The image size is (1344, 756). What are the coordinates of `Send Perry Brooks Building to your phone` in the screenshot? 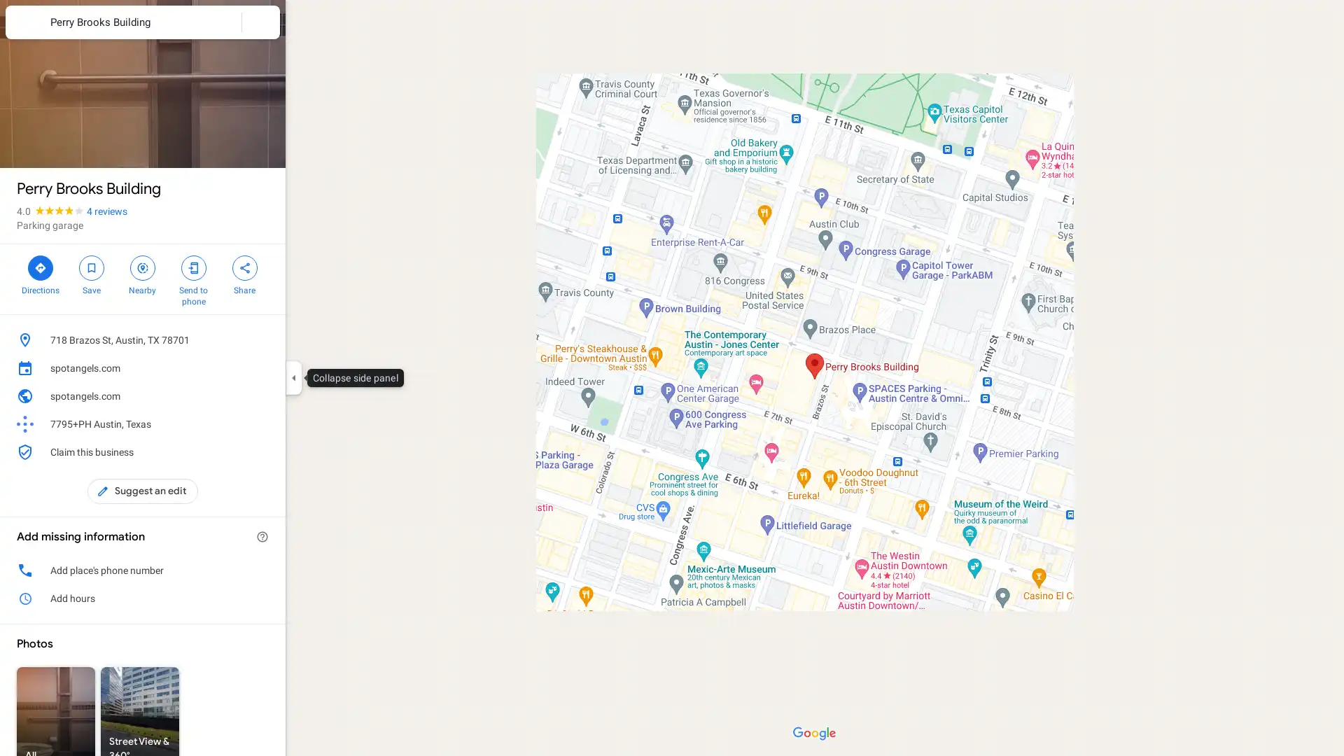 It's located at (192, 279).